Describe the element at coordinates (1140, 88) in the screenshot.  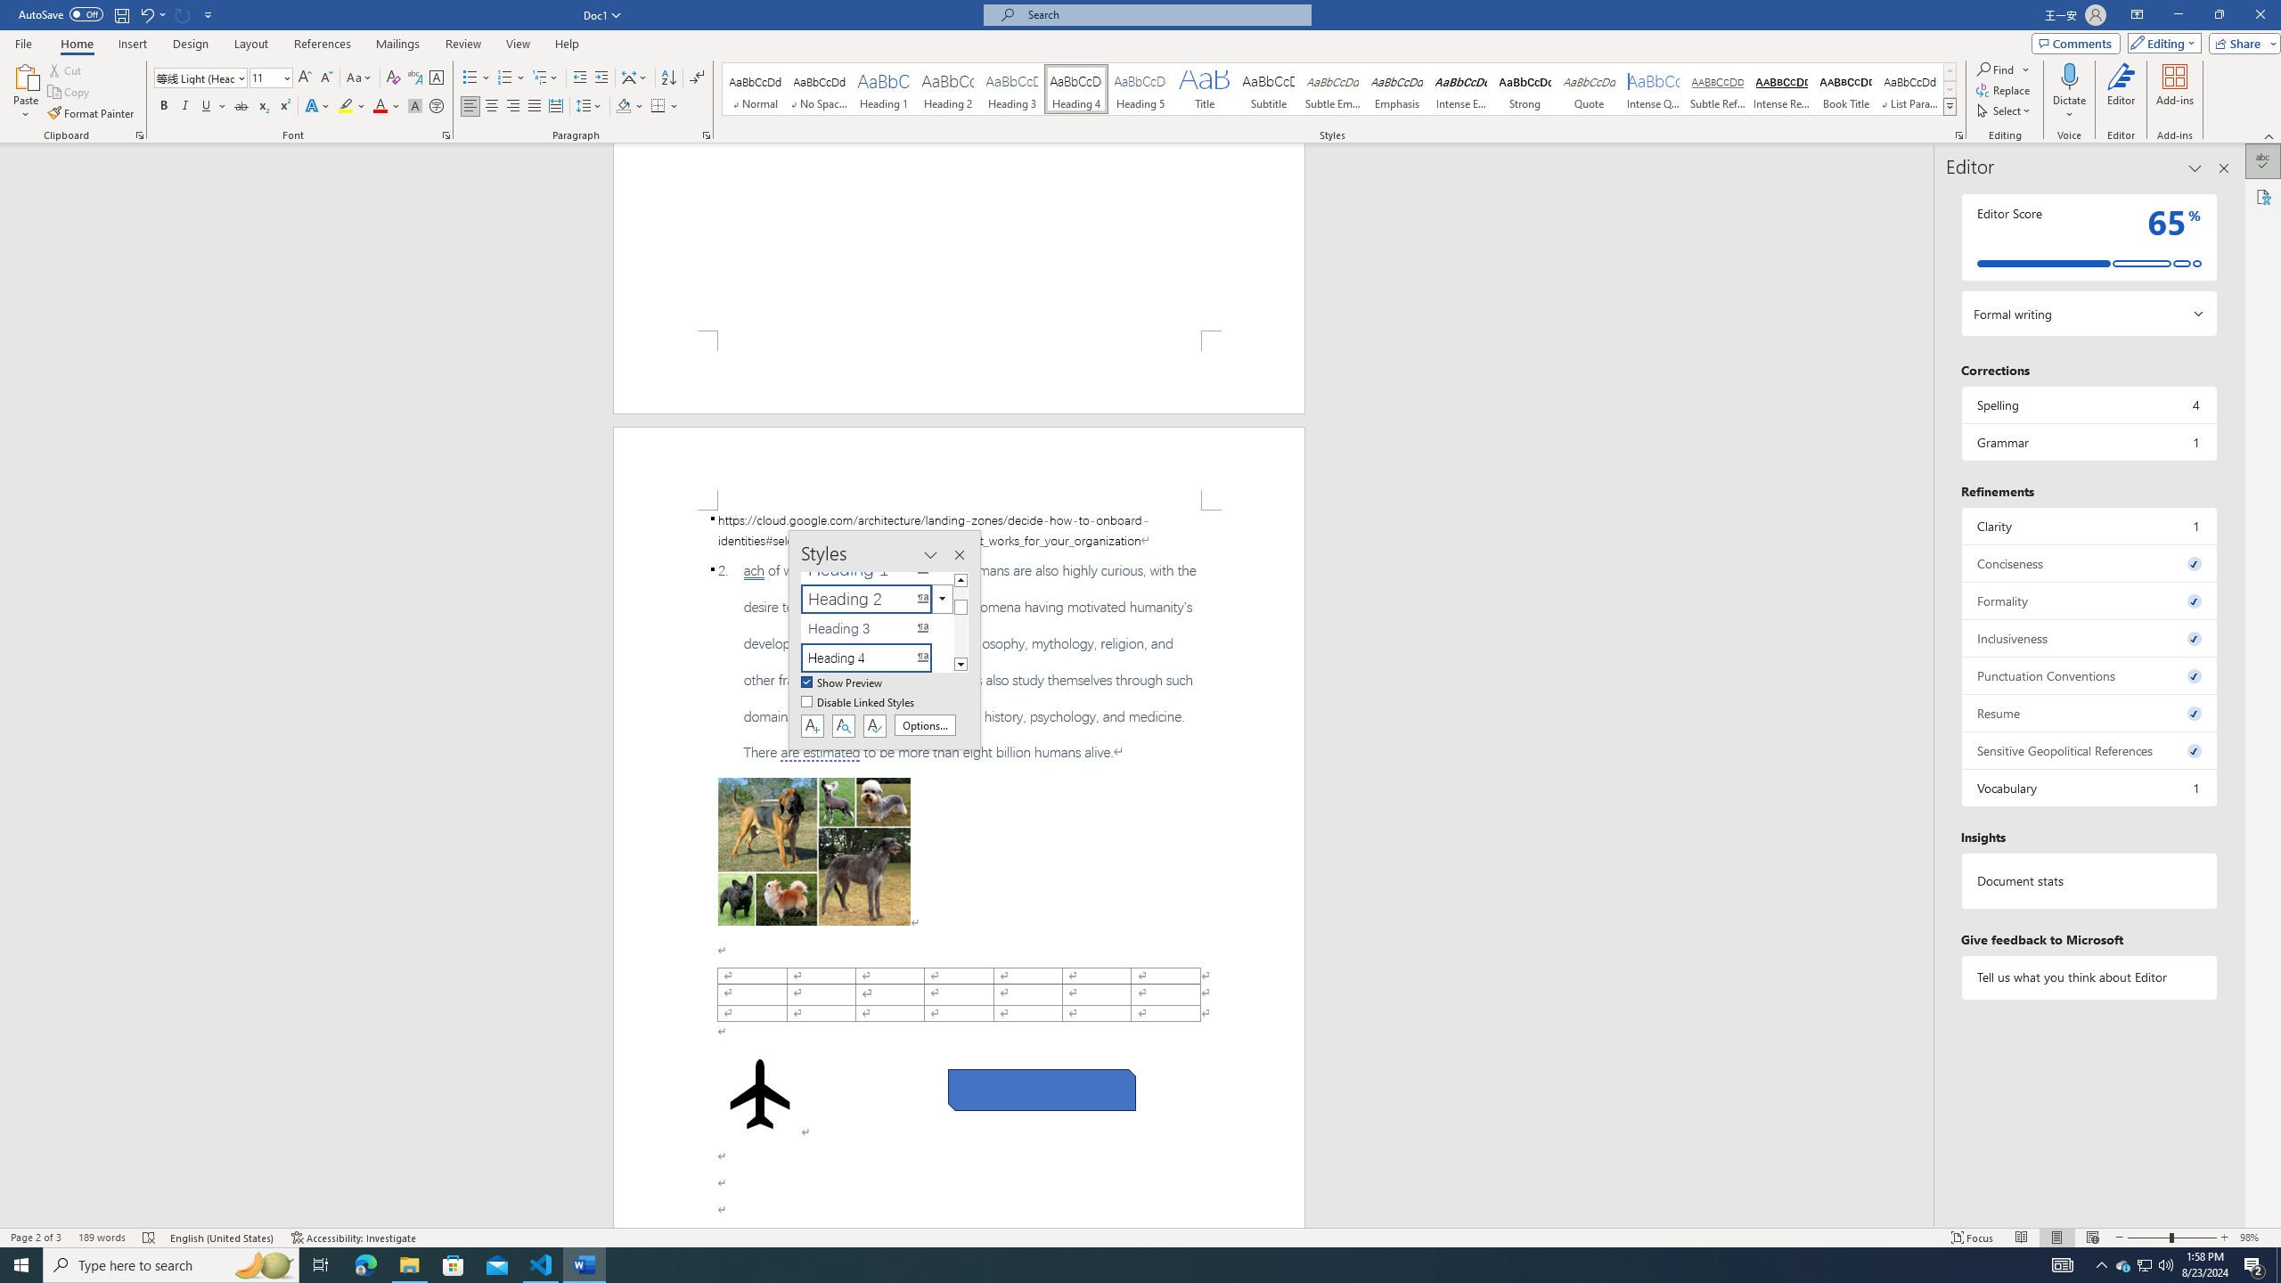
I see `'Heading 5'` at that location.